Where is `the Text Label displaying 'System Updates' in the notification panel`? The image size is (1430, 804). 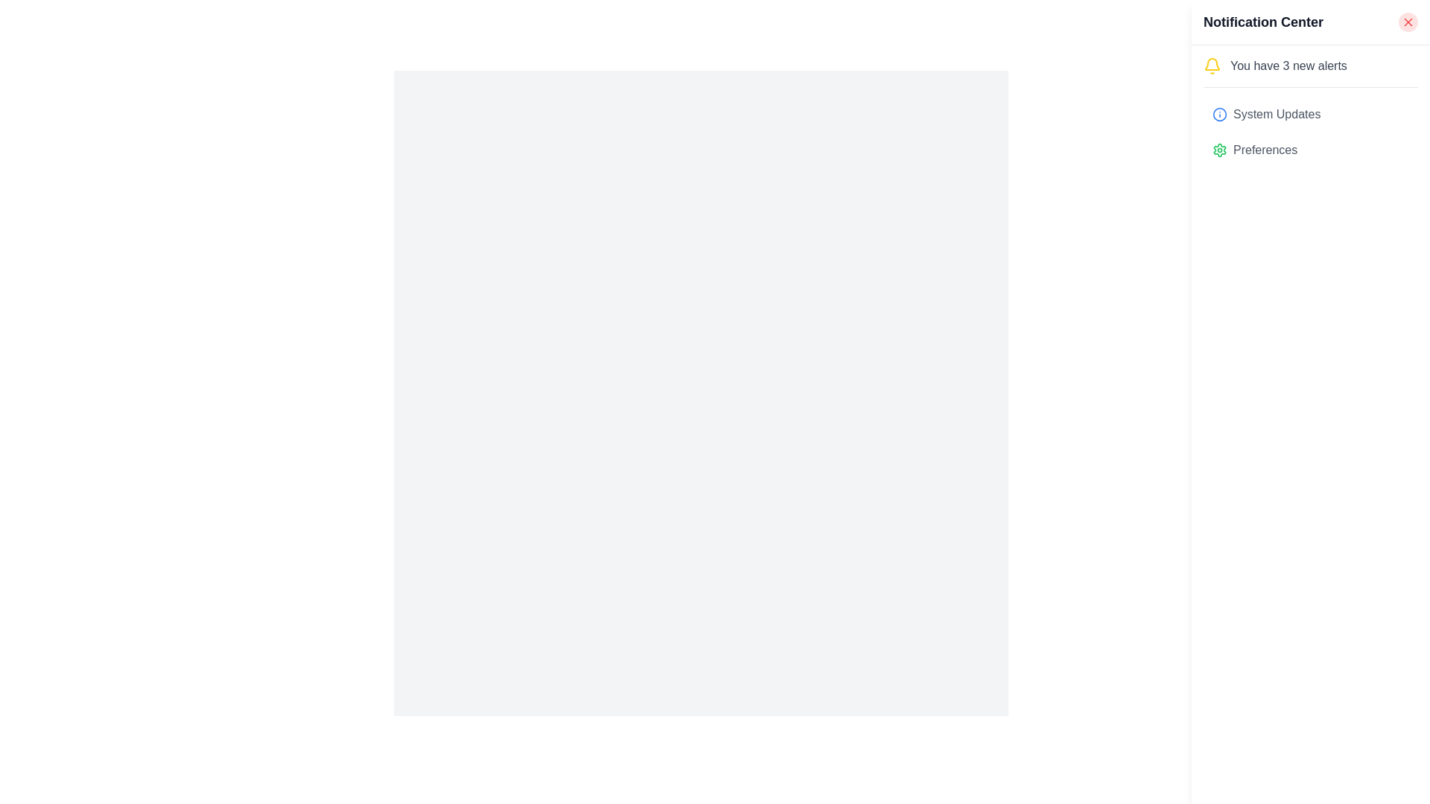 the Text Label displaying 'System Updates' in the notification panel is located at coordinates (1276, 114).